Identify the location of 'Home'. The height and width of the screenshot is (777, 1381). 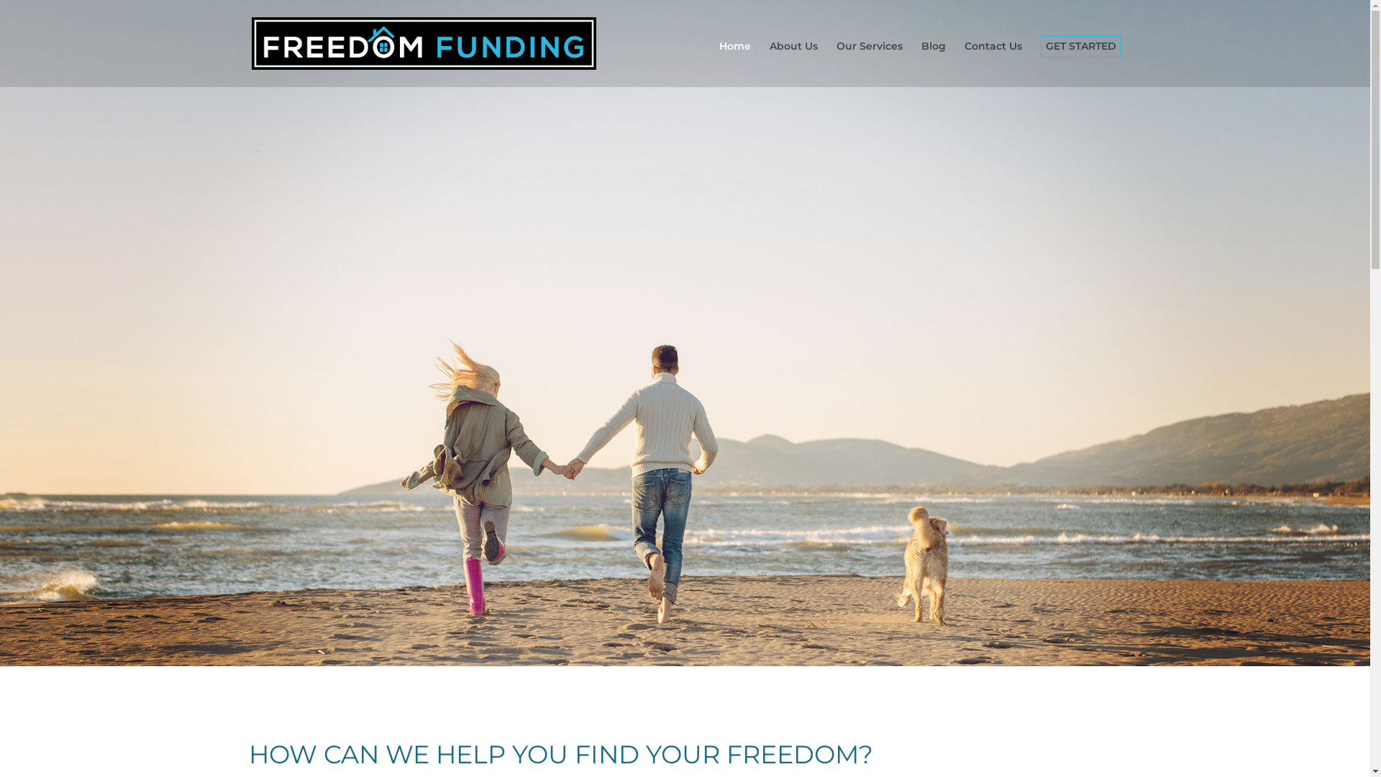
(735, 63).